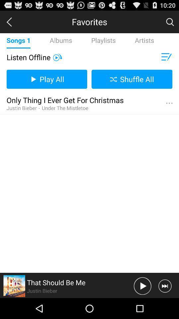 The width and height of the screenshot is (179, 319). What do you see at coordinates (57, 57) in the screenshot?
I see `the sound offline` at bounding box center [57, 57].